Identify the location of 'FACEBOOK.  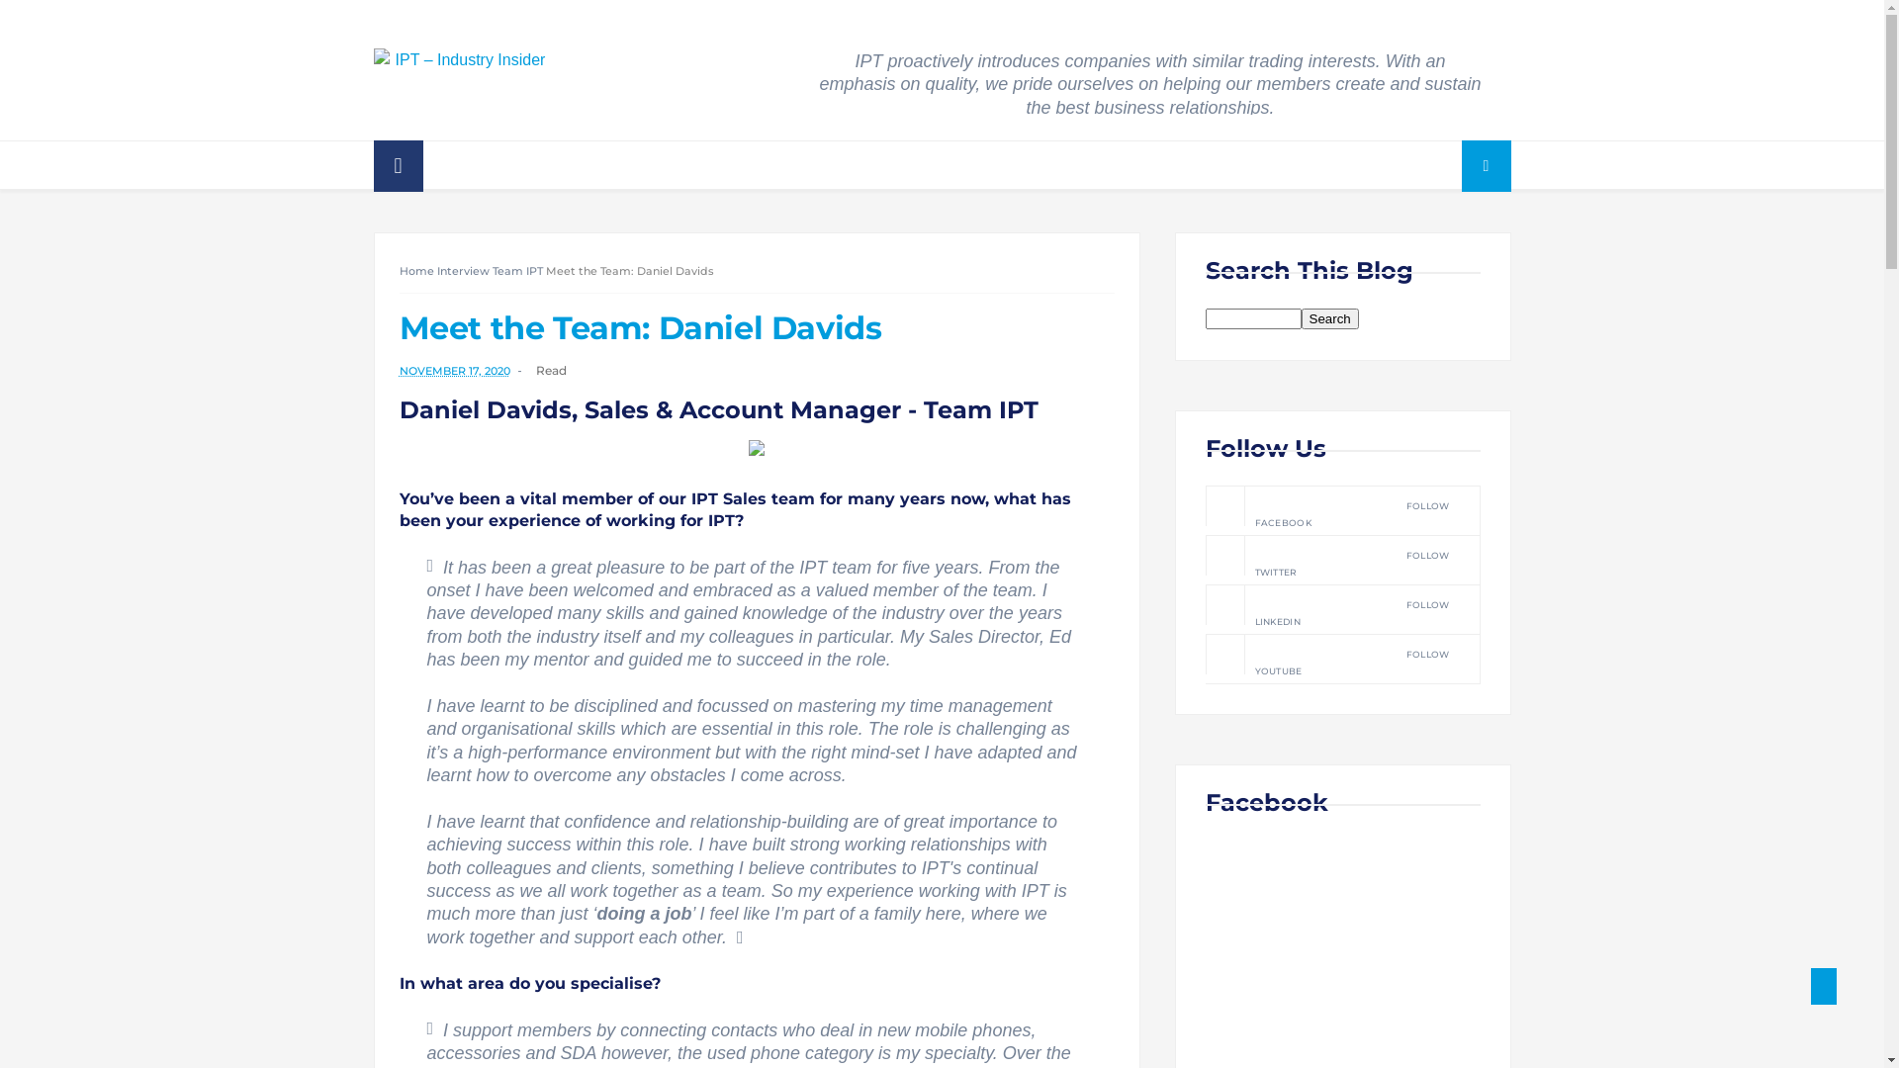
(1341, 509).